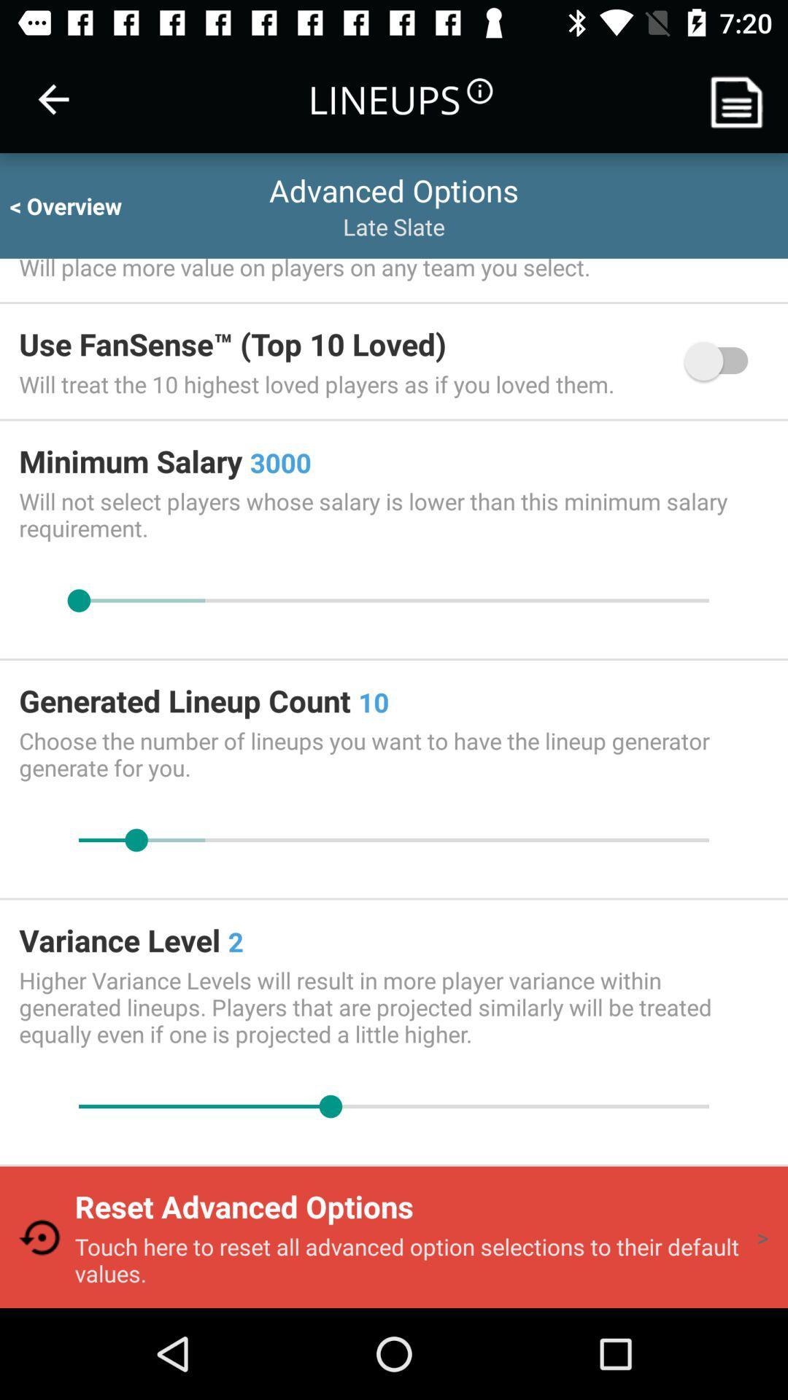  Describe the element at coordinates (723, 361) in the screenshot. I see `the icon to the right of the will treat the item` at that location.